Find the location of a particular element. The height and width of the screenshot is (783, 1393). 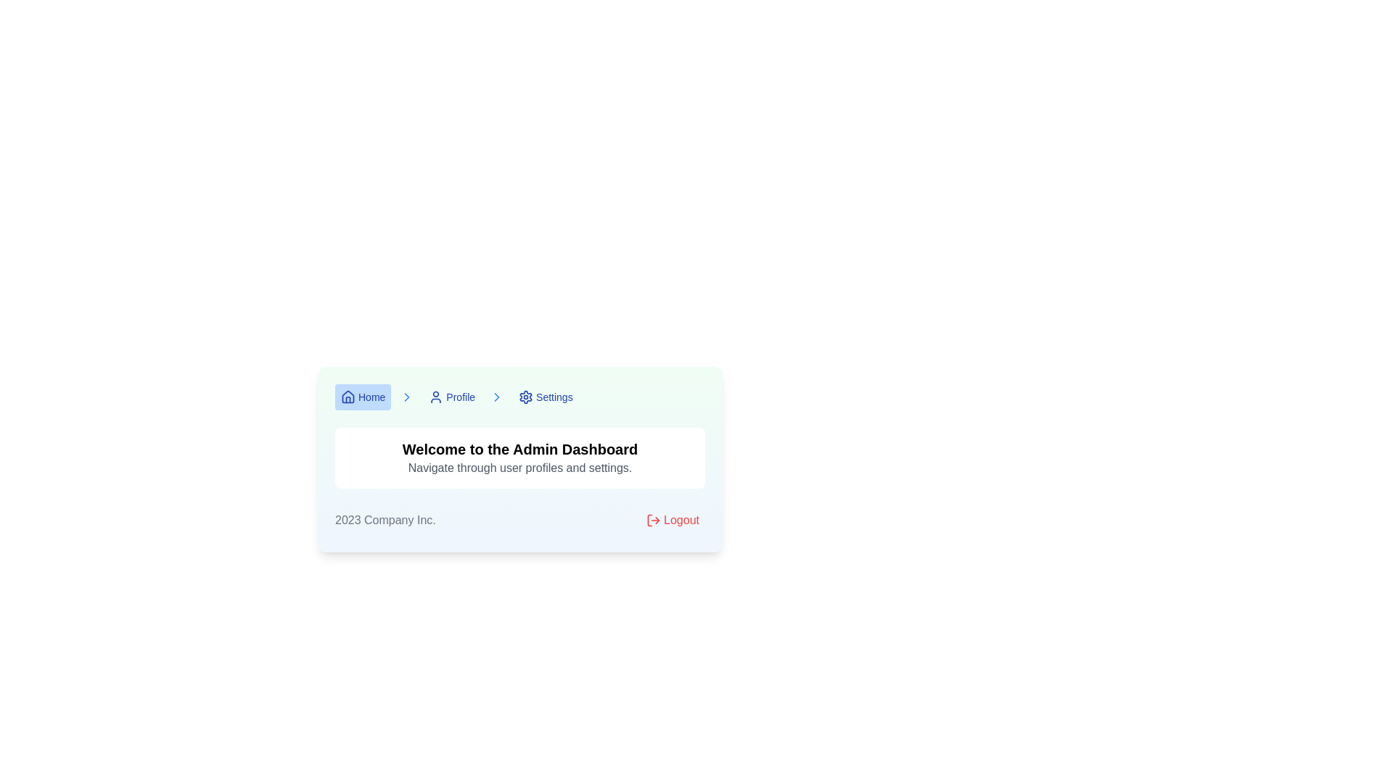

the right-pointing chevron icon located between the 'Profile' and 'Settings' links in the navigation bar is located at coordinates (406, 397).